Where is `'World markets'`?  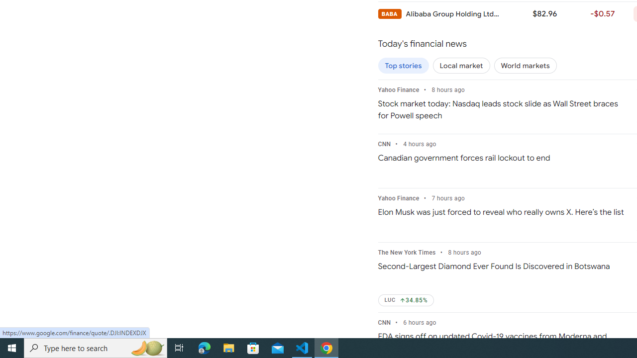 'World markets' is located at coordinates (525, 66).